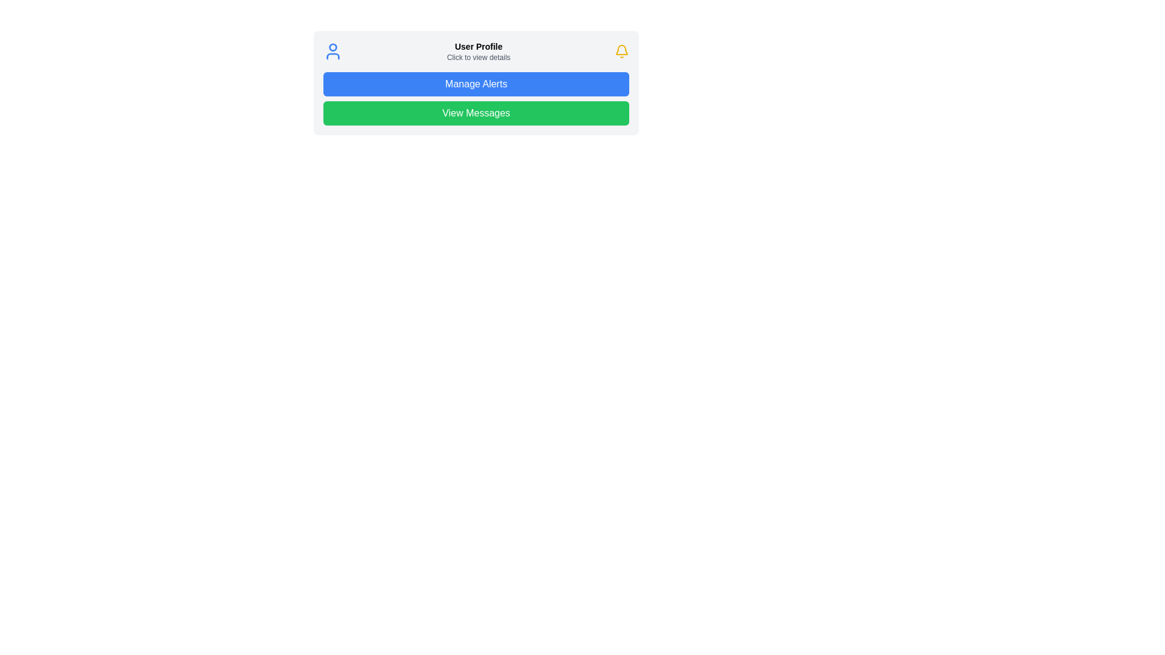 The height and width of the screenshot is (655, 1165). I want to click on the 'User Profile' text element that displays 'User Profile' and 'Click, so click(478, 50).